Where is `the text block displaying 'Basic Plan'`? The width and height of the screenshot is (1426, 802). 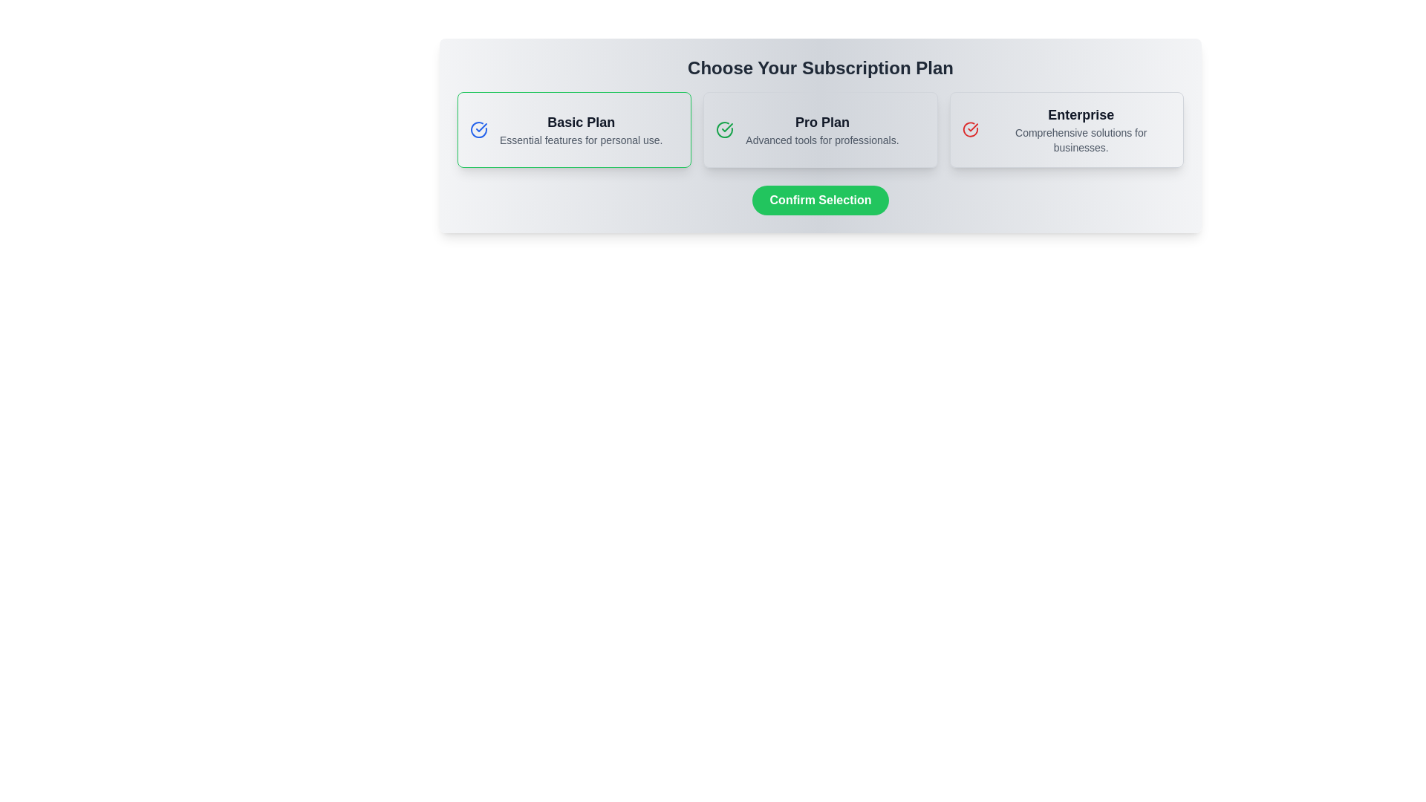
the text block displaying 'Basic Plan' is located at coordinates (580, 128).